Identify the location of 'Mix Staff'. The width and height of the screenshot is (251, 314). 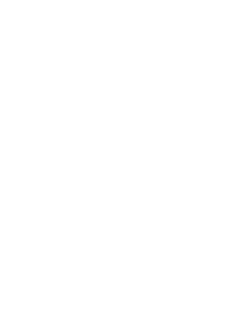
(78, 183).